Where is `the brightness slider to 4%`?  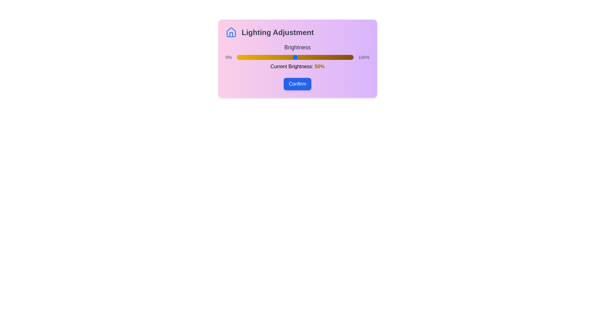 the brightness slider to 4% is located at coordinates (241, 57).